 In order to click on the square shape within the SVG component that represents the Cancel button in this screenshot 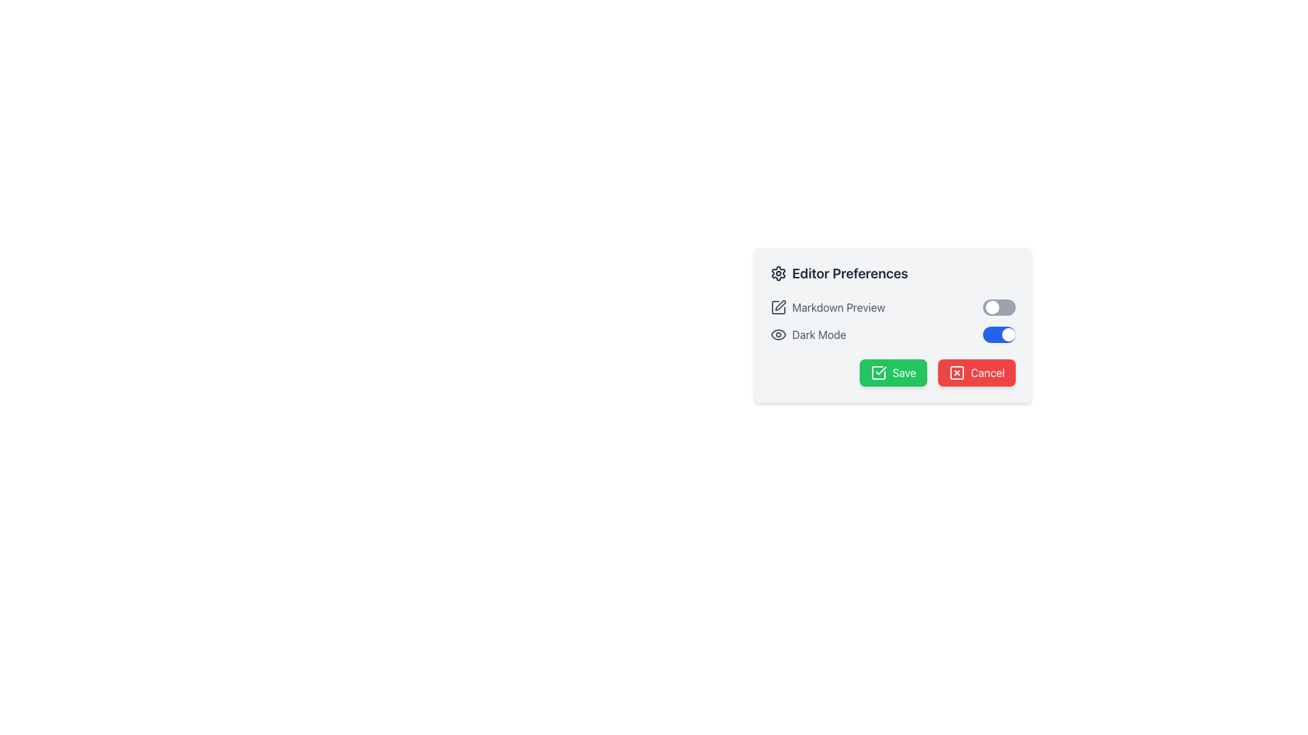, I will do `click(956, 372)`.